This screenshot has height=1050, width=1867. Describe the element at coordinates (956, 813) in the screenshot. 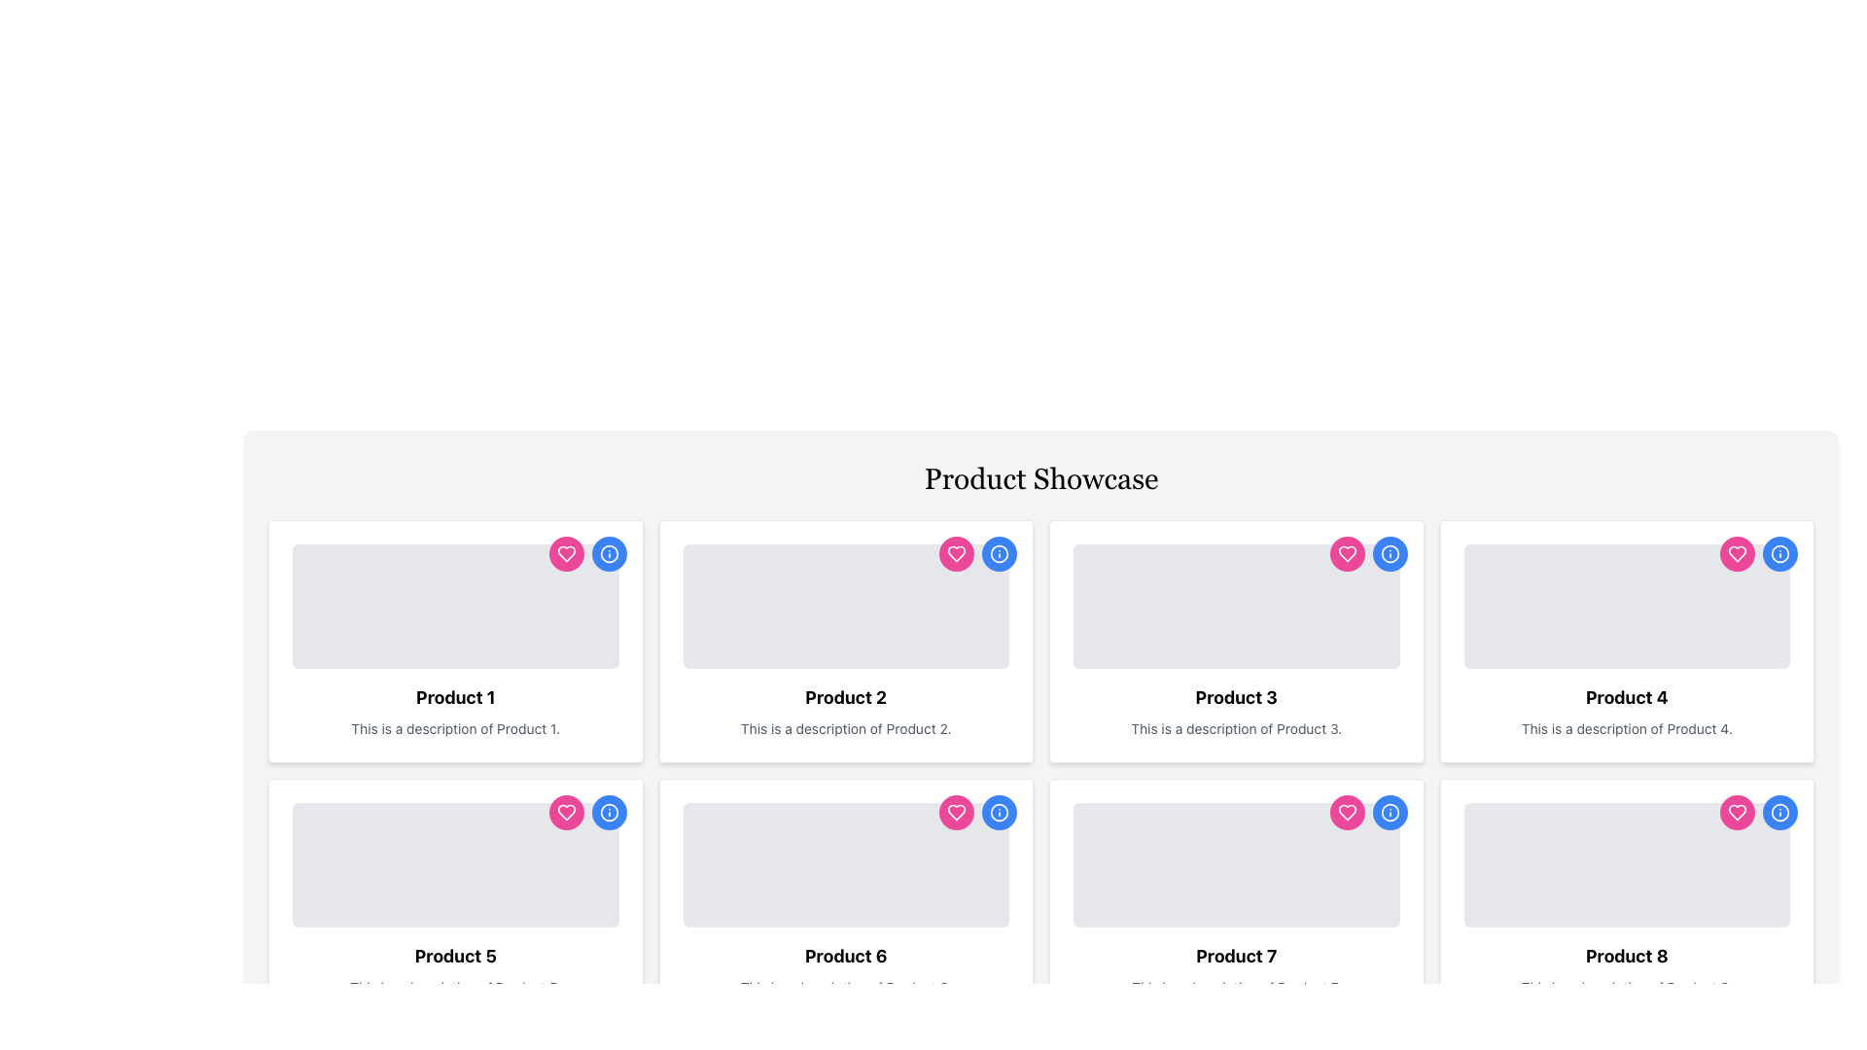

I see `the heart icon located in the top-right corner of the card for 'Product 2' in the grid layout to mark it as a favorite` at that location.